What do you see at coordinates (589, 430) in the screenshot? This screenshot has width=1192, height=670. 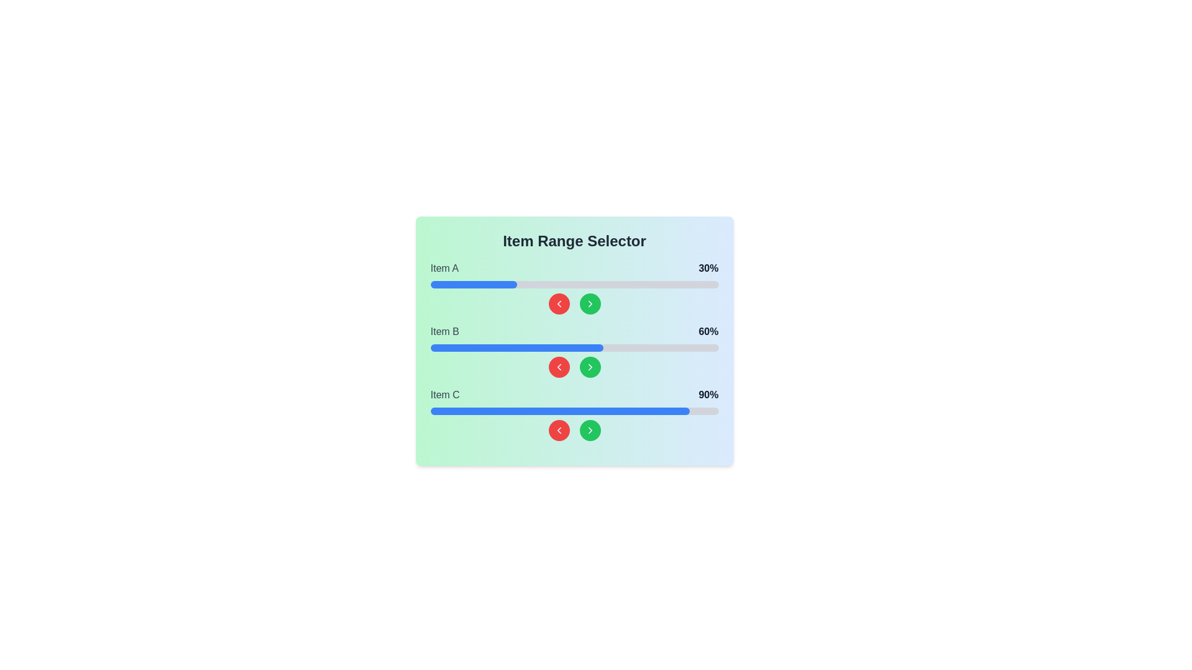 I see `the chevron icon in the 'Item C' section of the 'Item Range Selector'` at bounding box center [589, 430].